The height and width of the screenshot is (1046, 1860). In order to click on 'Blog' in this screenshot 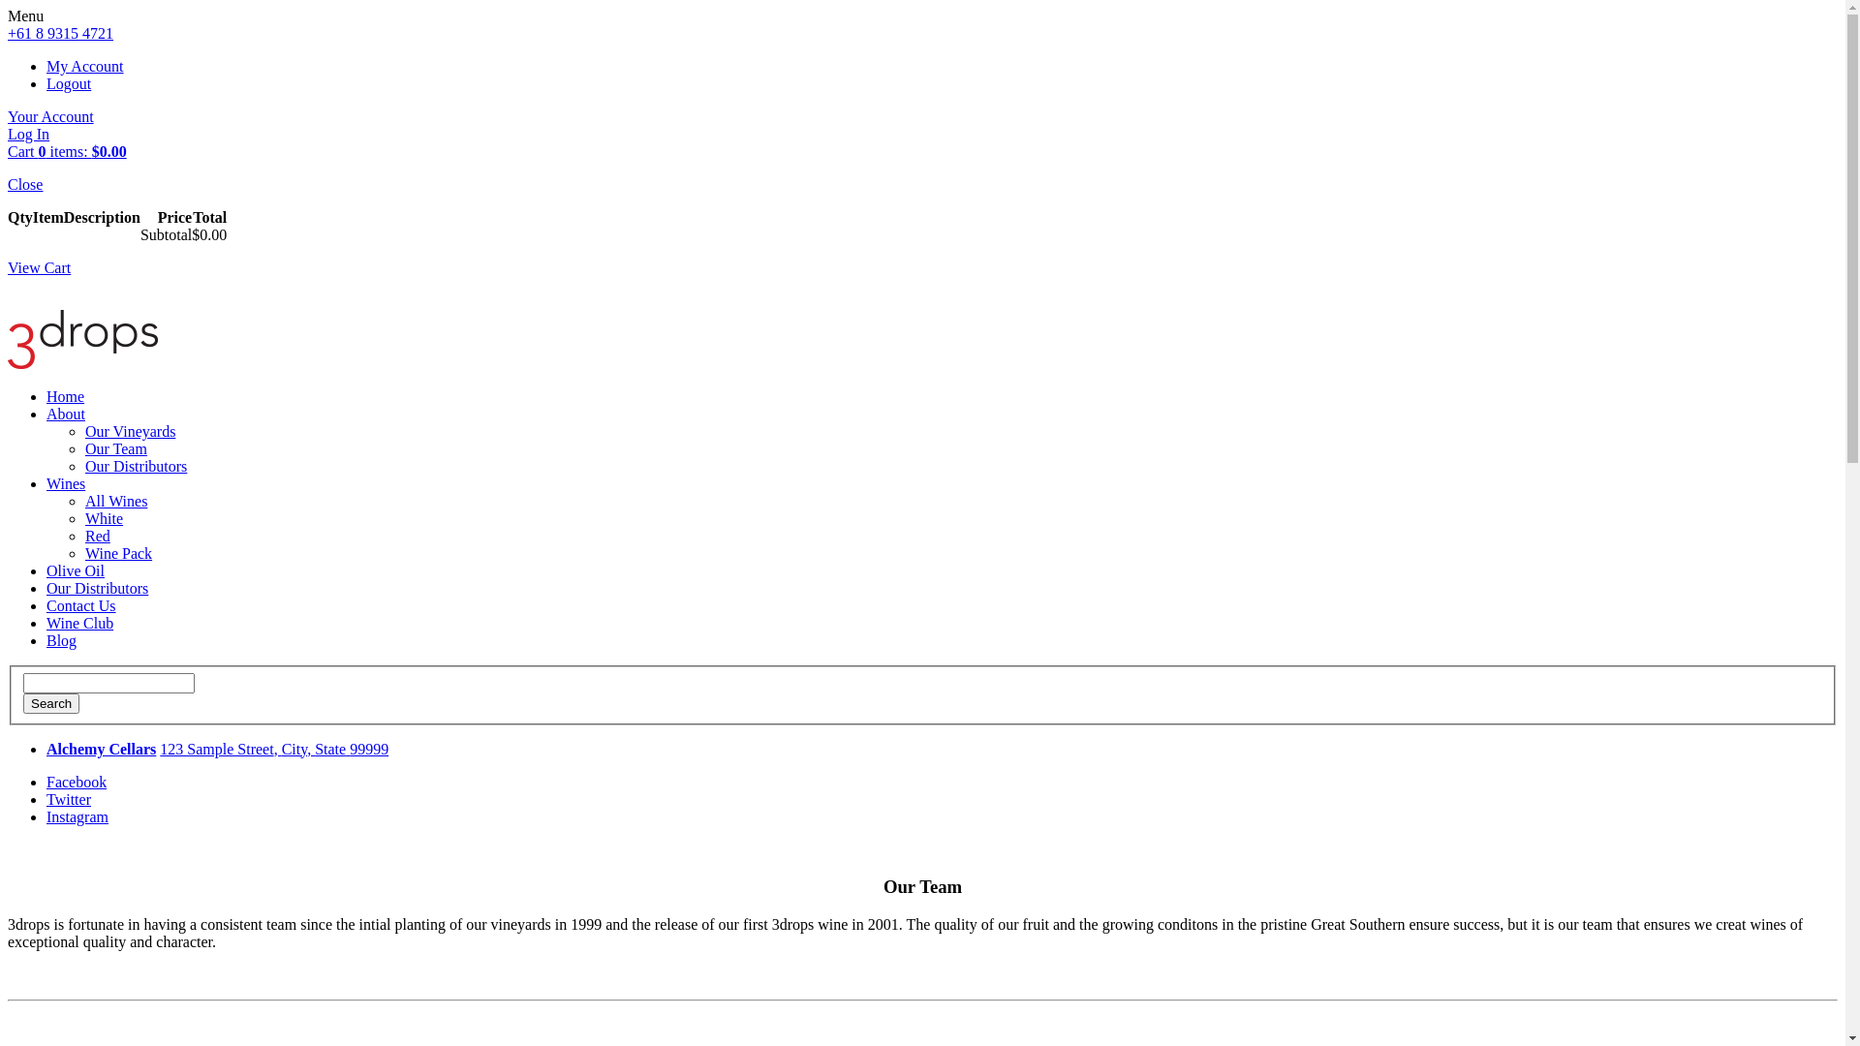, I will do `click(61, 640)`.